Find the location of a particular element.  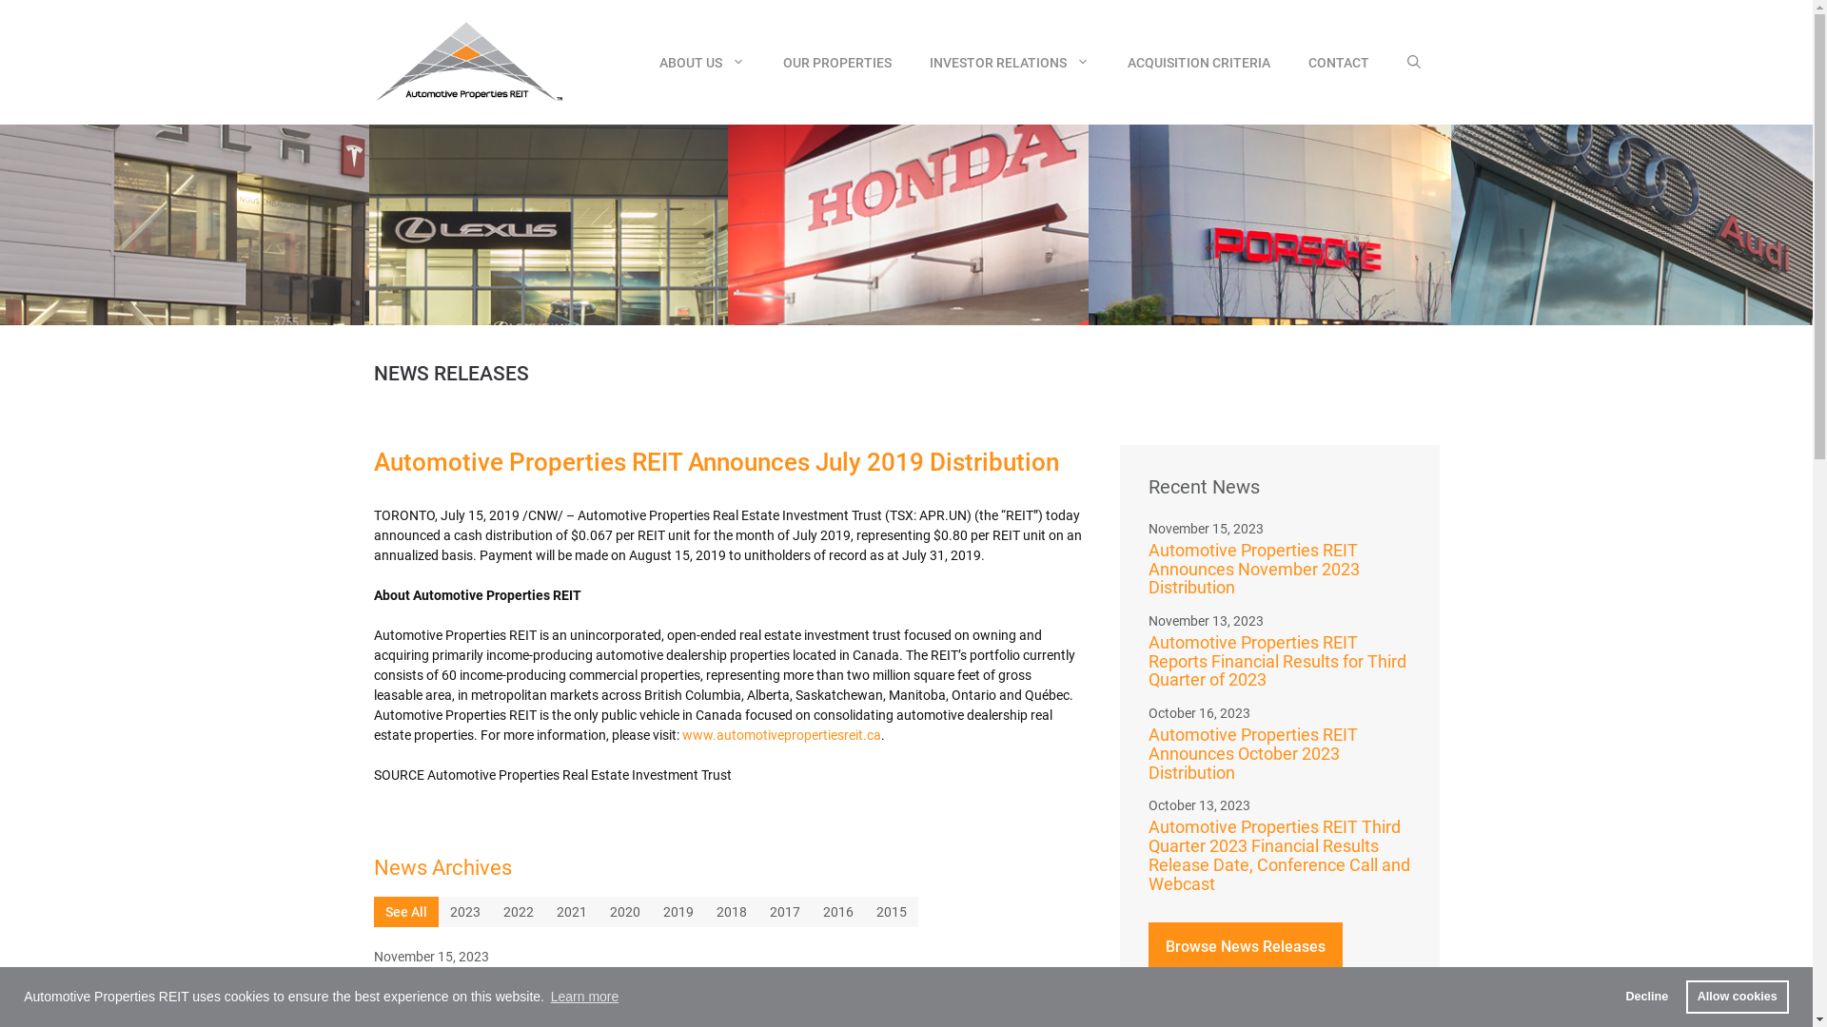

'Learn more' is located at coordinates (583, 996).